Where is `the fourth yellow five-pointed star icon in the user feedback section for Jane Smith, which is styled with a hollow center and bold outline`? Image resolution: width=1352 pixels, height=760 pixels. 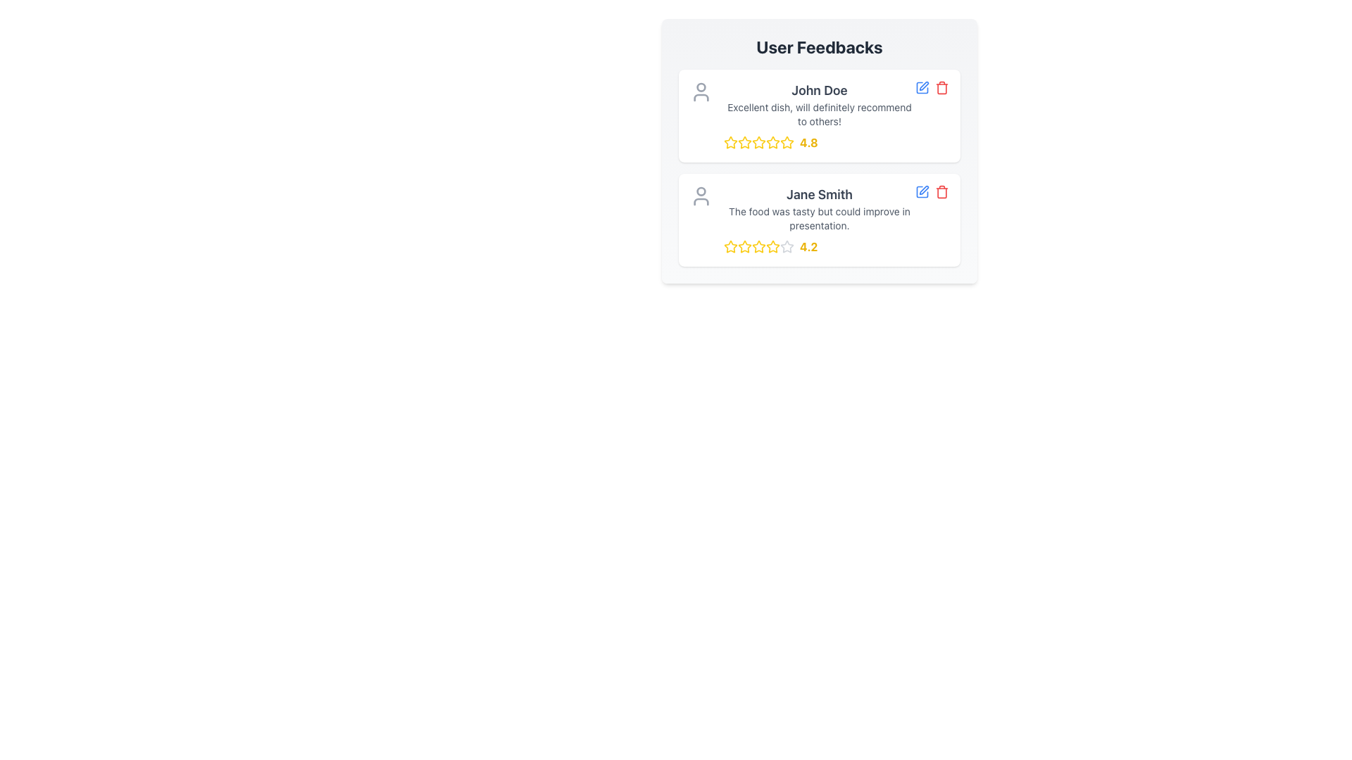 the fourth yellow five-pointed star icon in the user feedback section for Jane Smith, which is styled with a hollow center and bold outline is located at coordinates (758, 246).